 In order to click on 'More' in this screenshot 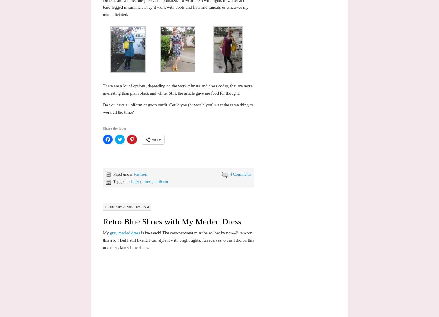, I will do `click(156, 139)`.